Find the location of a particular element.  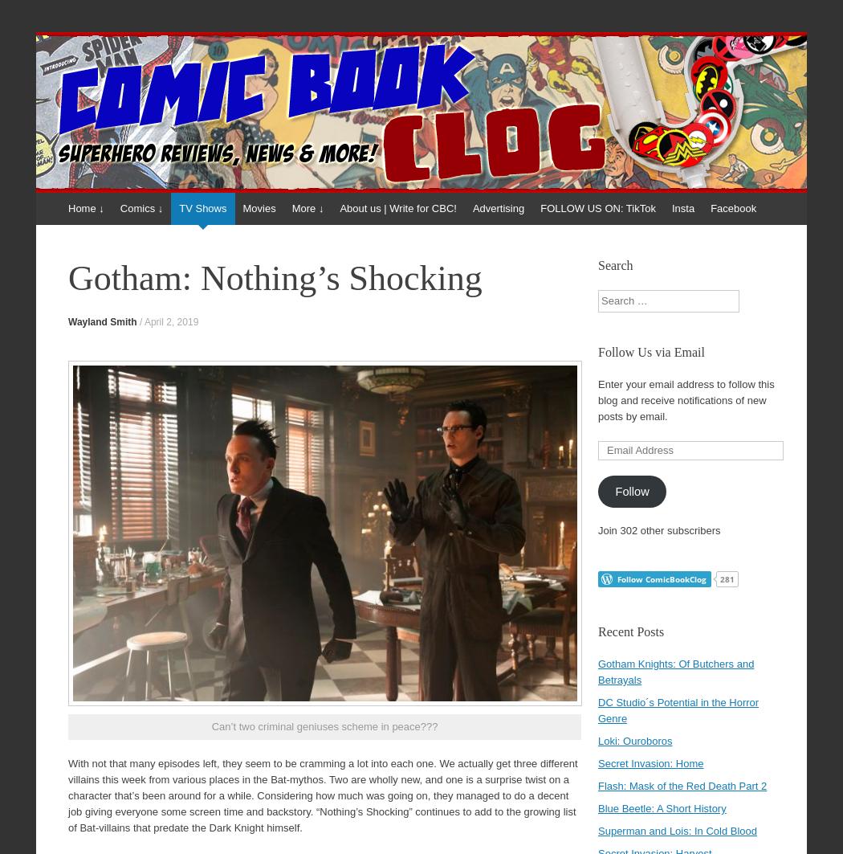

'Can’t two criminal geniuses scheme in peace???' is located at coordinates (324, 725).